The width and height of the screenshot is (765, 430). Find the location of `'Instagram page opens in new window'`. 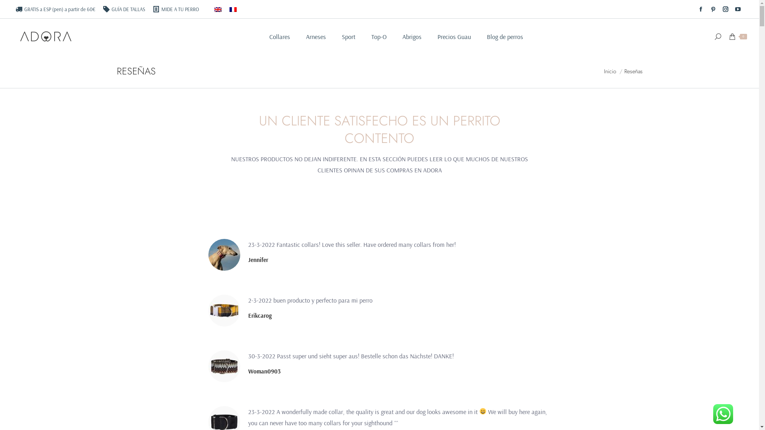

'Instagram page opens in new window' is located at coordinates (720, 9).